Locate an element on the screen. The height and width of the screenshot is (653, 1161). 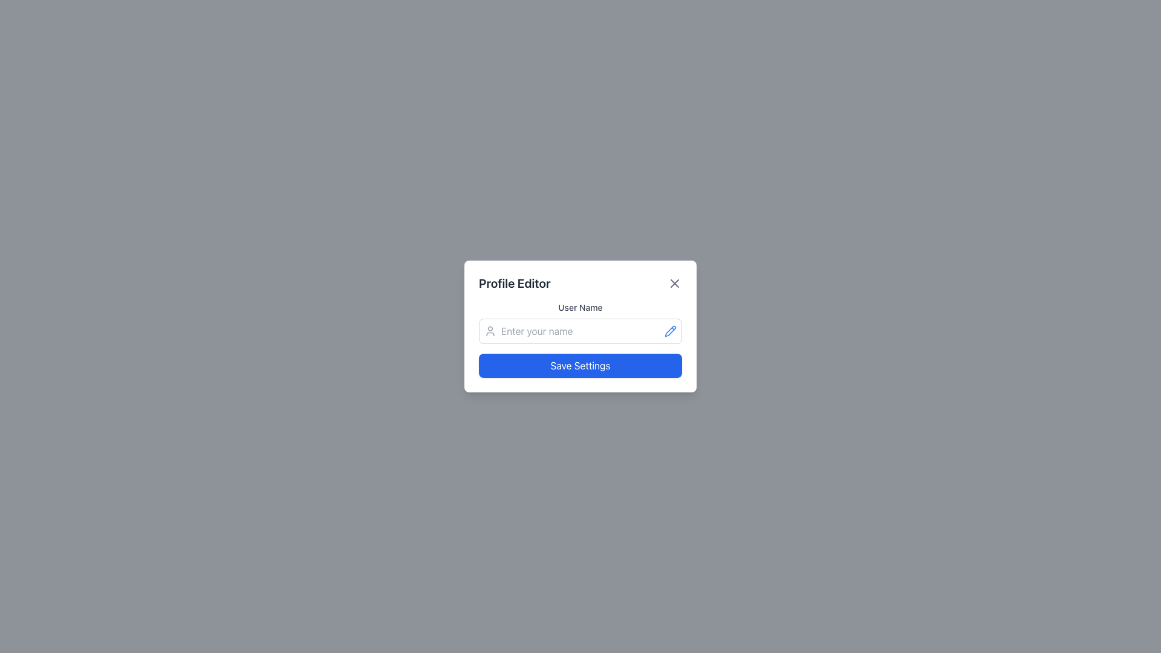
the 'Profile Editor' text label, which is styled in bold and located at the top left corner of the modal window is located at coordinates (515, 284).